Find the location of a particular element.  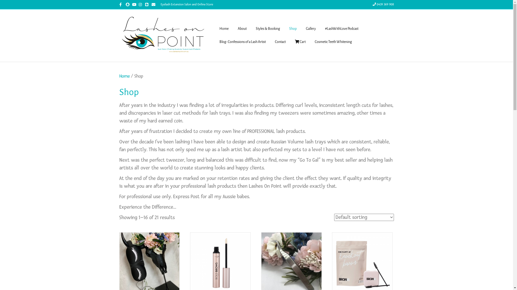

'Cart' is located at coordinates (300, 42).